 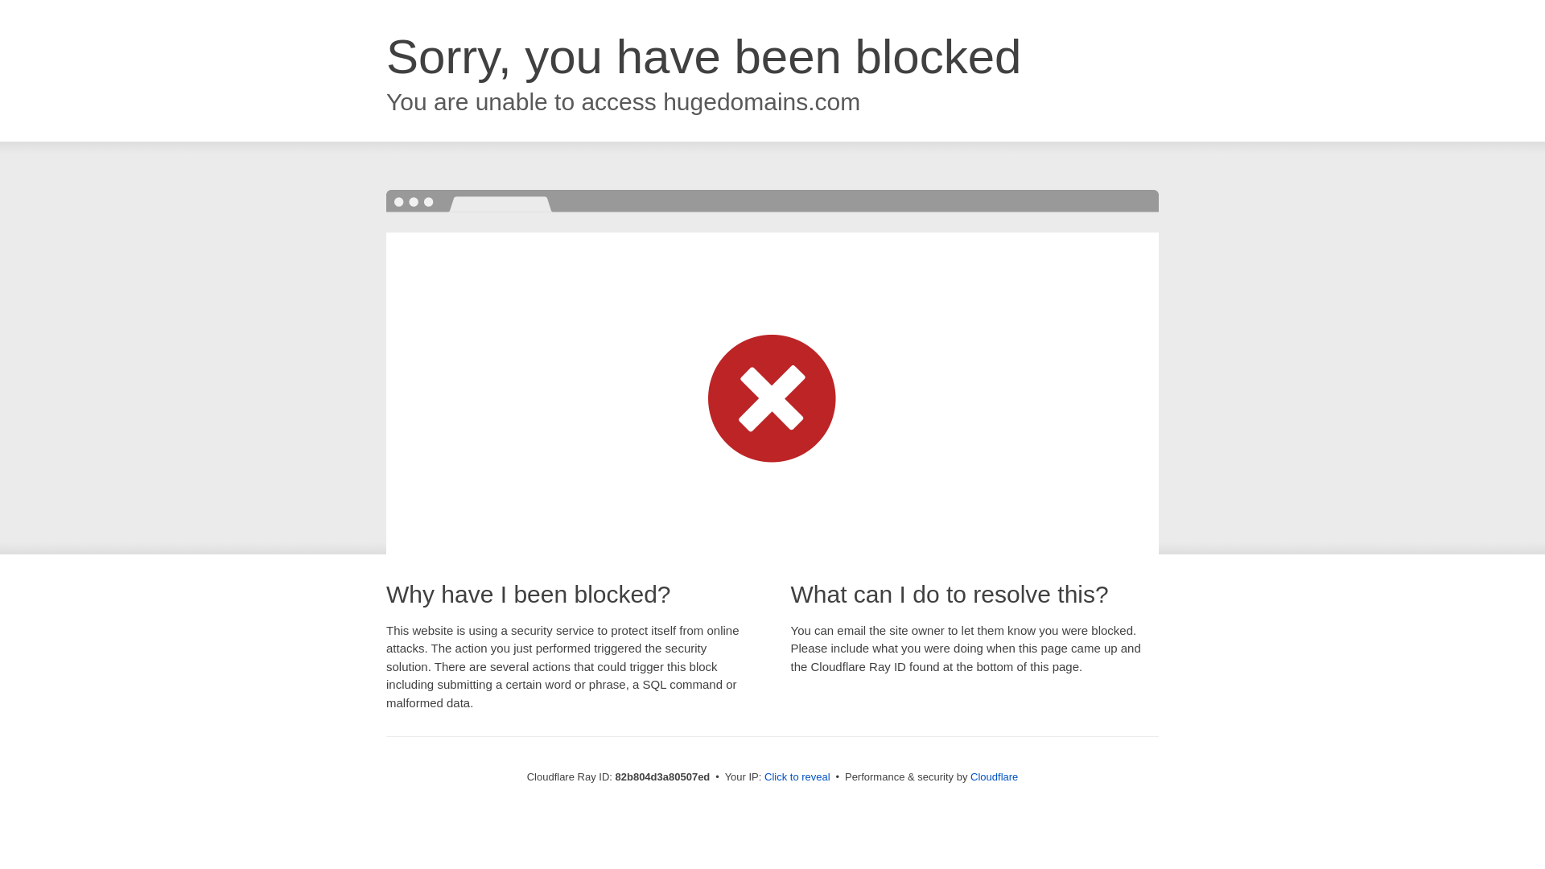 I want to click on 'Cloudflare', so click(x=969, y=776).